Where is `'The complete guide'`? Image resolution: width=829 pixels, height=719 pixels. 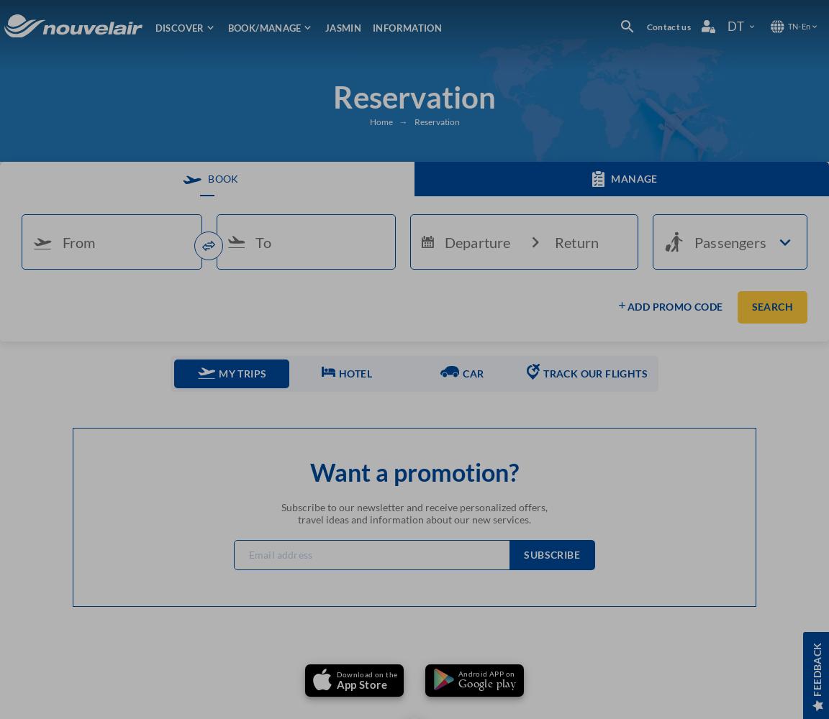 'The complete guide' is located at coordinates (577, 227).